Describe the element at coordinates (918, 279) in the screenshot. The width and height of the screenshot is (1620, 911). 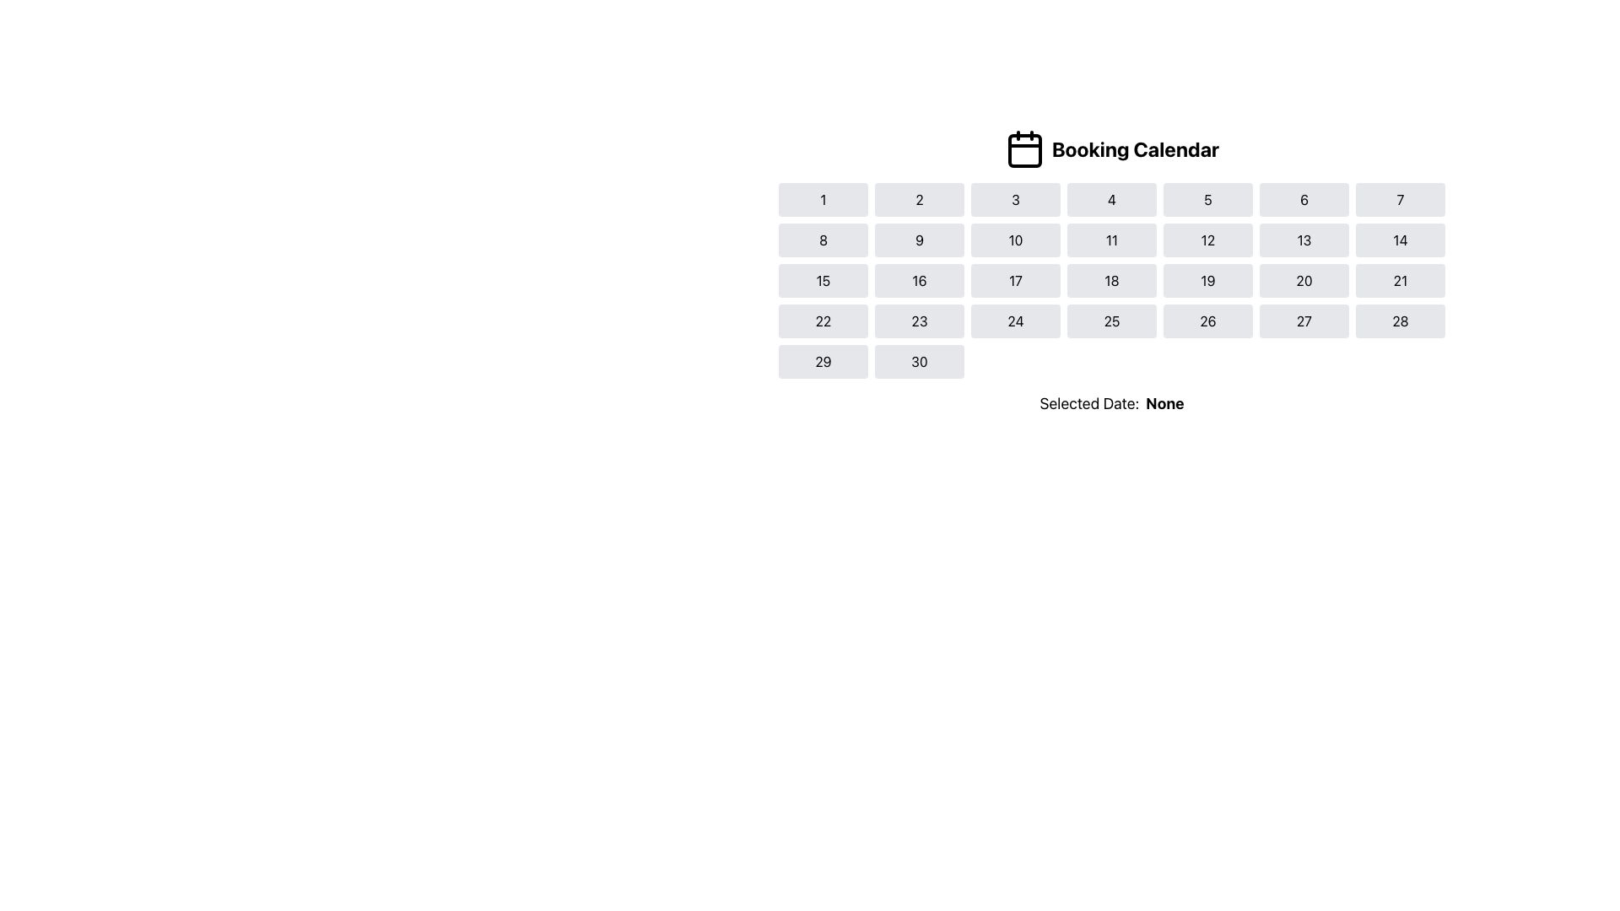
I see `the selectable date button labeled '16' in the calendar interface` at that location.